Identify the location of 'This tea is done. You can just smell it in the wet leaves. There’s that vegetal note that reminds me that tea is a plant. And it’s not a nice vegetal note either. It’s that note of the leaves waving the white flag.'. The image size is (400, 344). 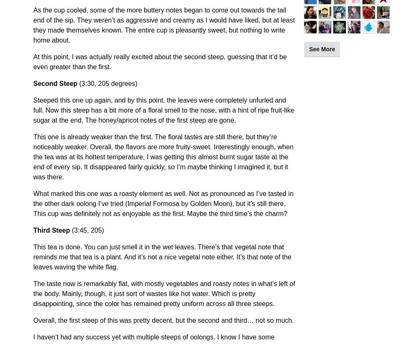
(33, 257).